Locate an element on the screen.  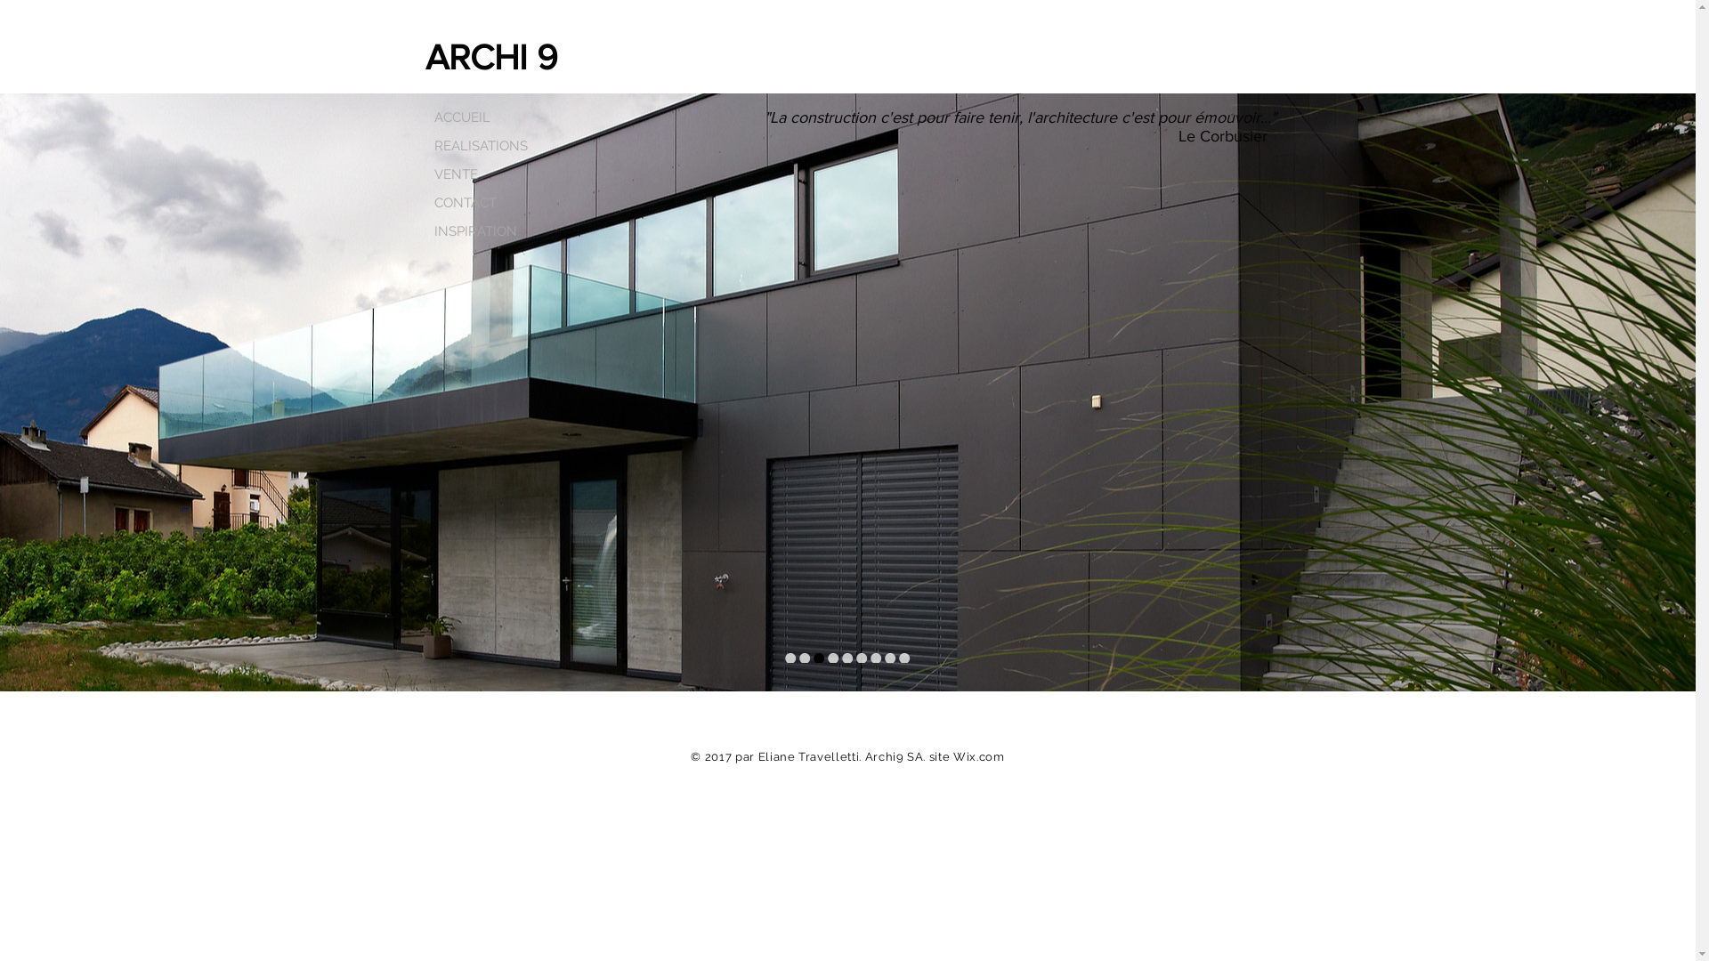
'ARCHI 9' is located at coordinates (425, 56).